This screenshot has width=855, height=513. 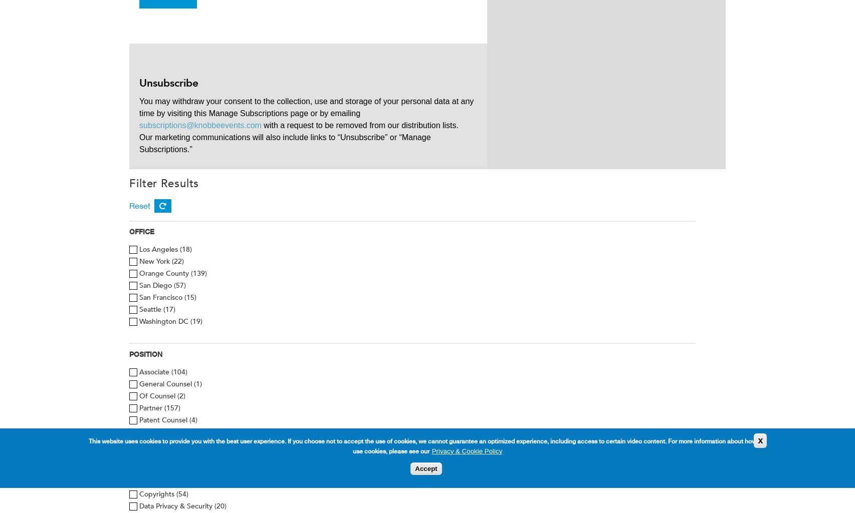 I want to click on 'Seattle', so click(x=151, y=309).